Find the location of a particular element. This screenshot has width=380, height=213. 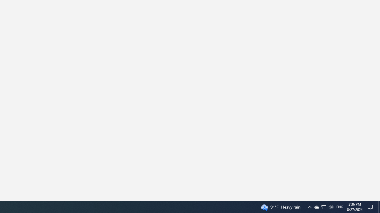

'Vertical Small Increase' is located at coordinates (377, 199).